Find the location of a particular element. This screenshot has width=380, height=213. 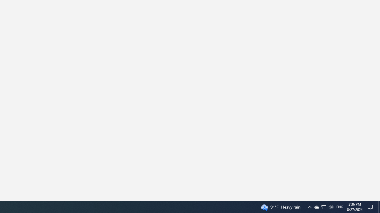

'Vertical Small Increase' is located at coordinates (377, 199).